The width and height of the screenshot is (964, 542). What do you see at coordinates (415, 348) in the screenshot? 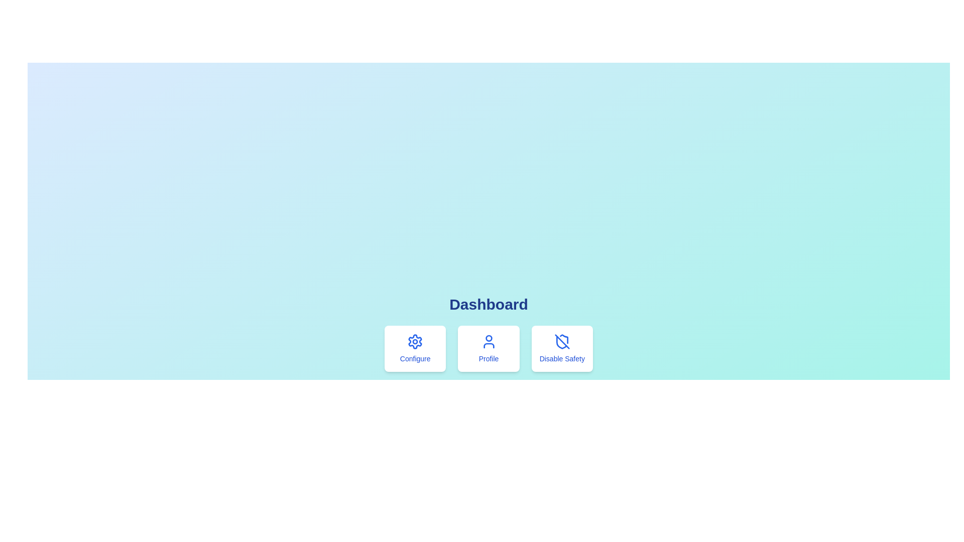
I see `the 'Configure' button that features a blue gear icon above the text, located in a rounded rectangle with a white background` at bounding box center [415, 348].